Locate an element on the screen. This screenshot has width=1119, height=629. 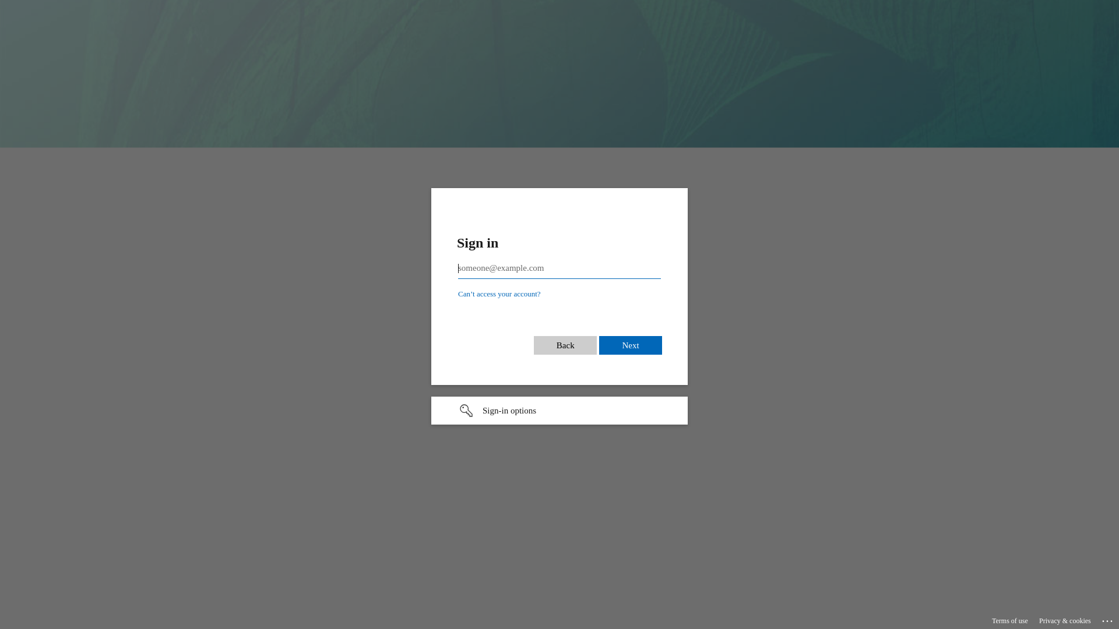
'Next' is located at coordinates (629, 345).